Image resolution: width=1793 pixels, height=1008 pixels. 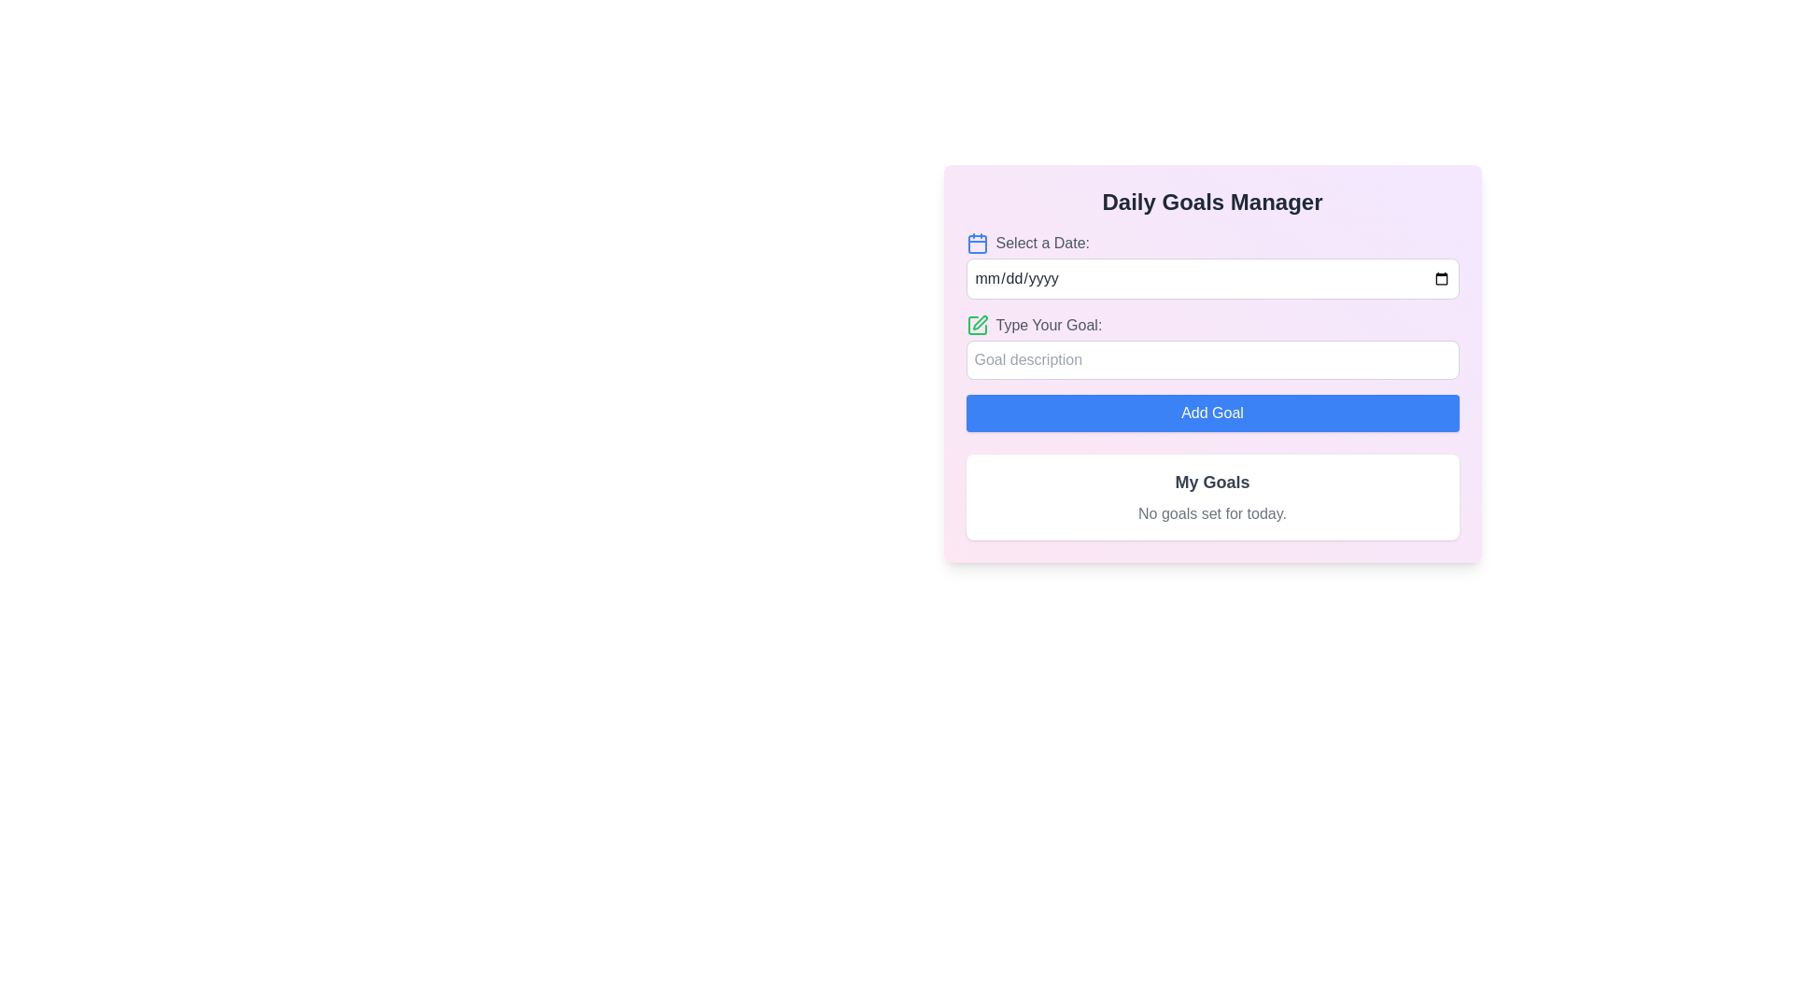 I want to click on the rectangular blue button labeled 'Add Goal' located below the input field 'Type Your Goal:' and above the section 'My Goals', so click(x=1212, y=413).